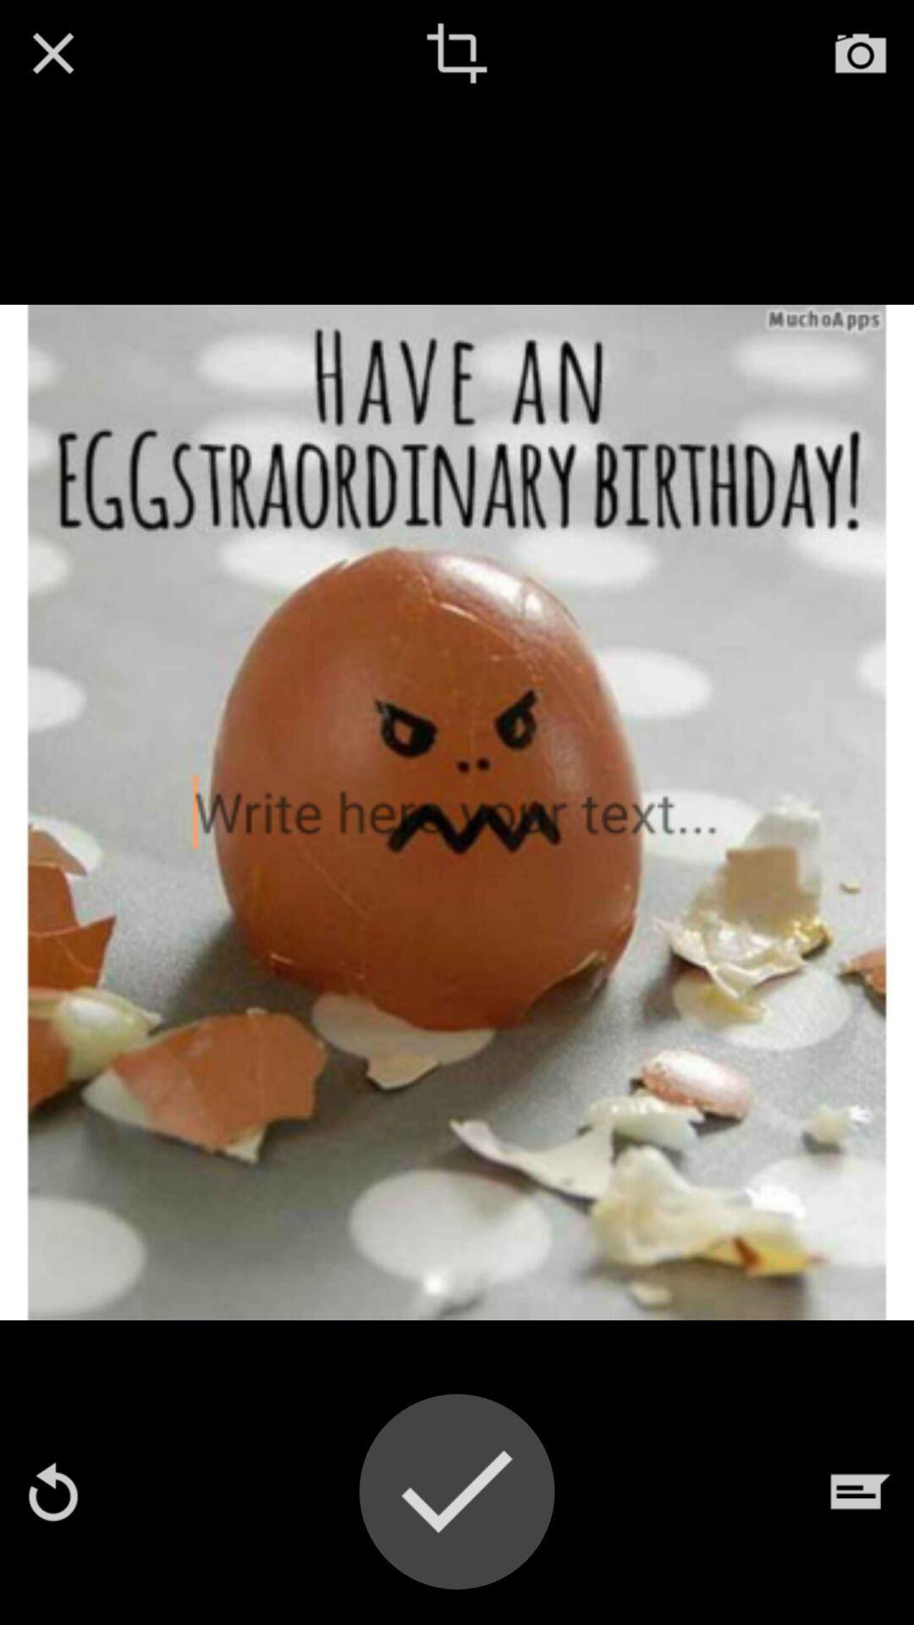 The height and width of the screenshot is (1625, 914). Describe the element at coordinates (861, 52) in the screenshot. I see `the photo icon` at that location.